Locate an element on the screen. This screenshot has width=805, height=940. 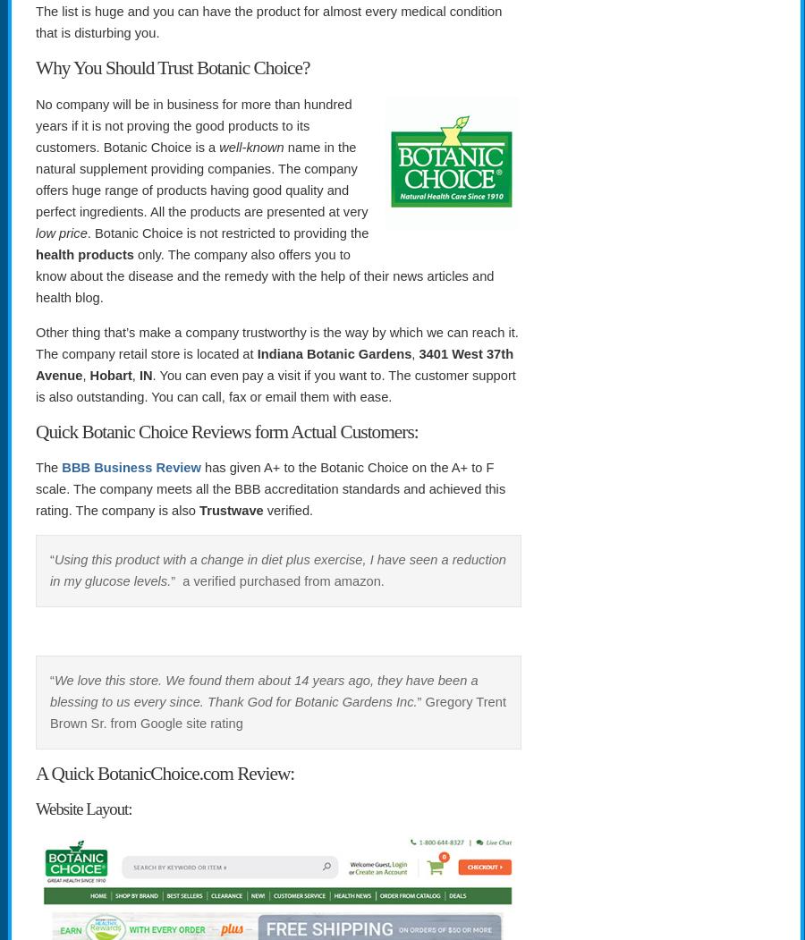
'verified.' is located at coordinates (262, 511).